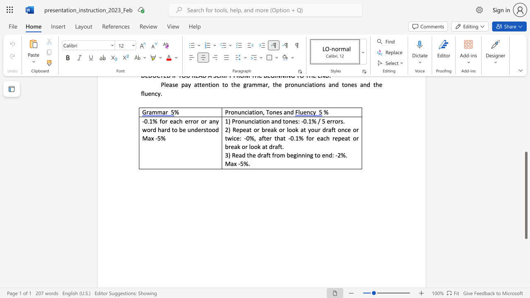 The width and height of the screenshot is (530, 298). What do you see at coordinates (525, 195) in the screenshot?
I see `the scrollbar and move down 160 pixels` at bounding box center [525, 195].